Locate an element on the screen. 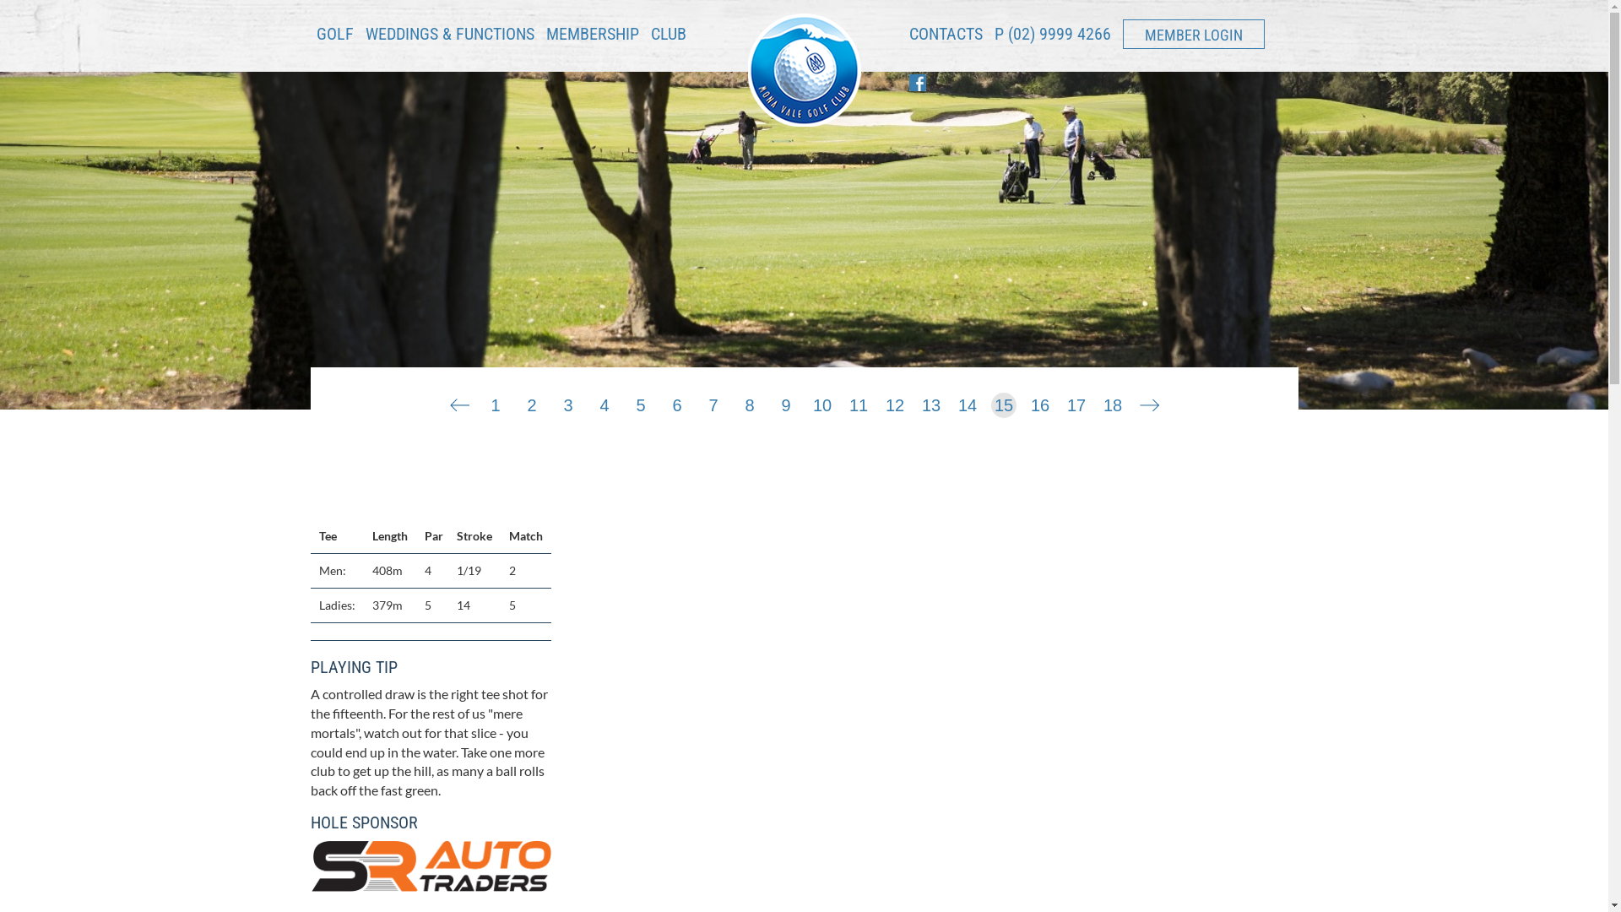 The image size is (1621, 912). 'MEMBERSHIP' is located at coordinates (591, 33).